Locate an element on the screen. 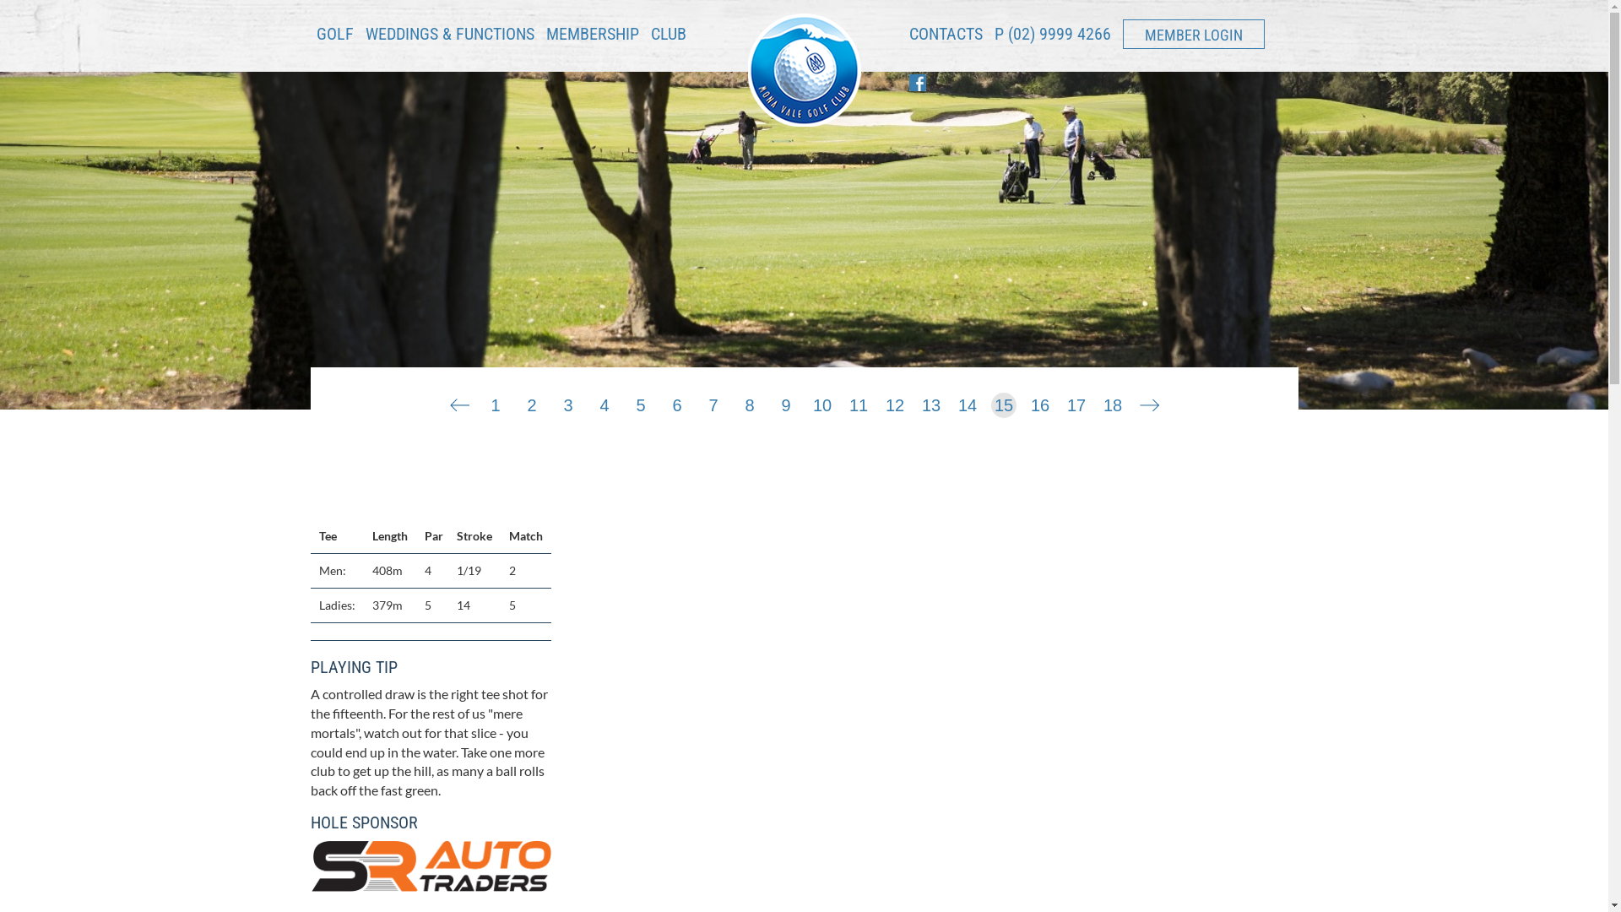 The image size is (1621, 912). 'MEMBERSHIP' is located at coordinates (591, 33).